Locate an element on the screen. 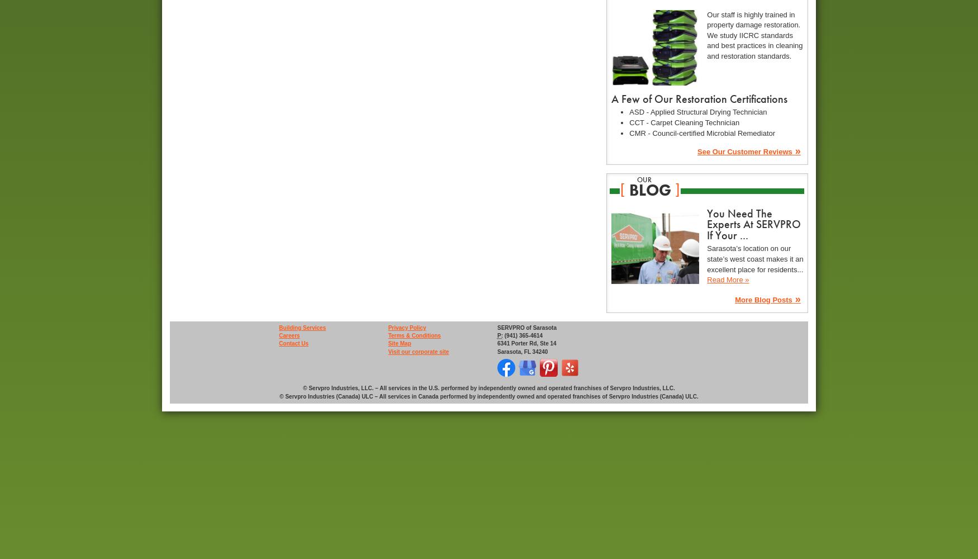 Image resolution: width=978 pixels, height=559 pixels. 'Building Services' is located at coordinates (301, 326).